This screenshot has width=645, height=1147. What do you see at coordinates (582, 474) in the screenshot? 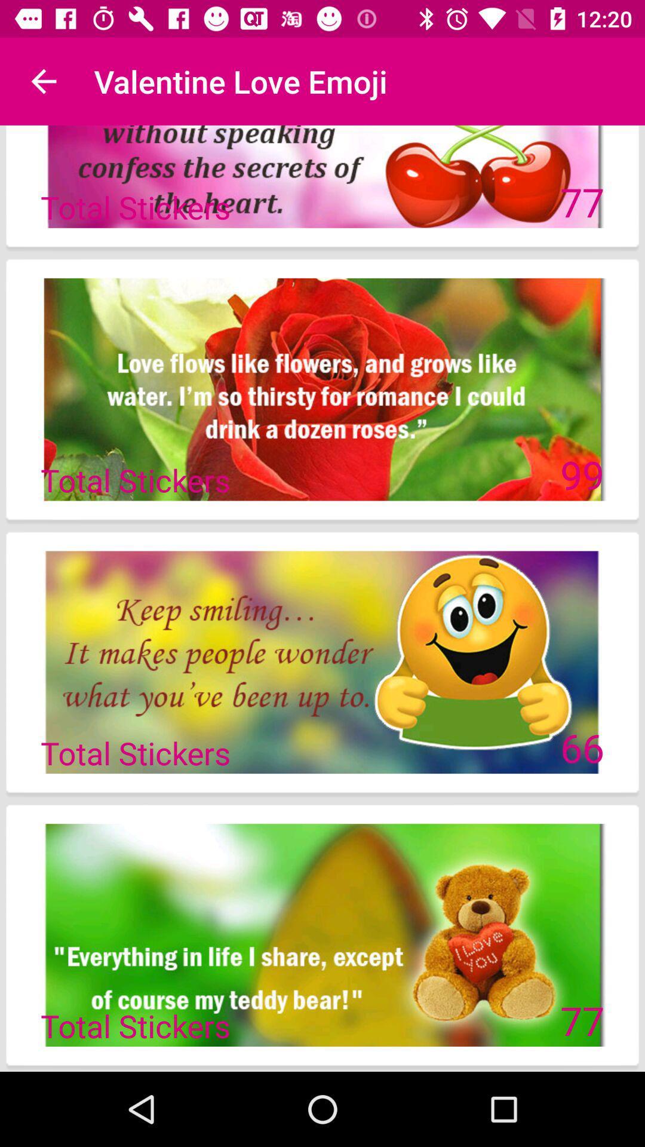
I see `item next to total stickers item` at bounding box center [582, 474].